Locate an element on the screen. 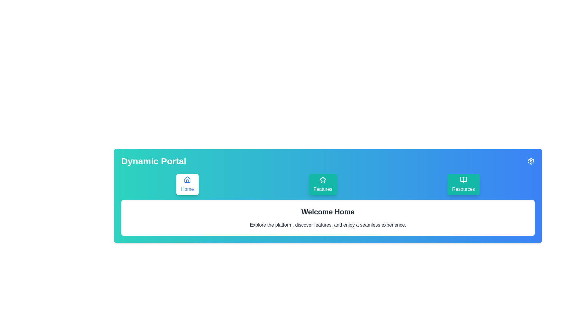  the 'Features' button, which is the middle button in a row of three buttons labeled 'Home', 'Features', and 'Resources' is located at coordinates (323, 184).